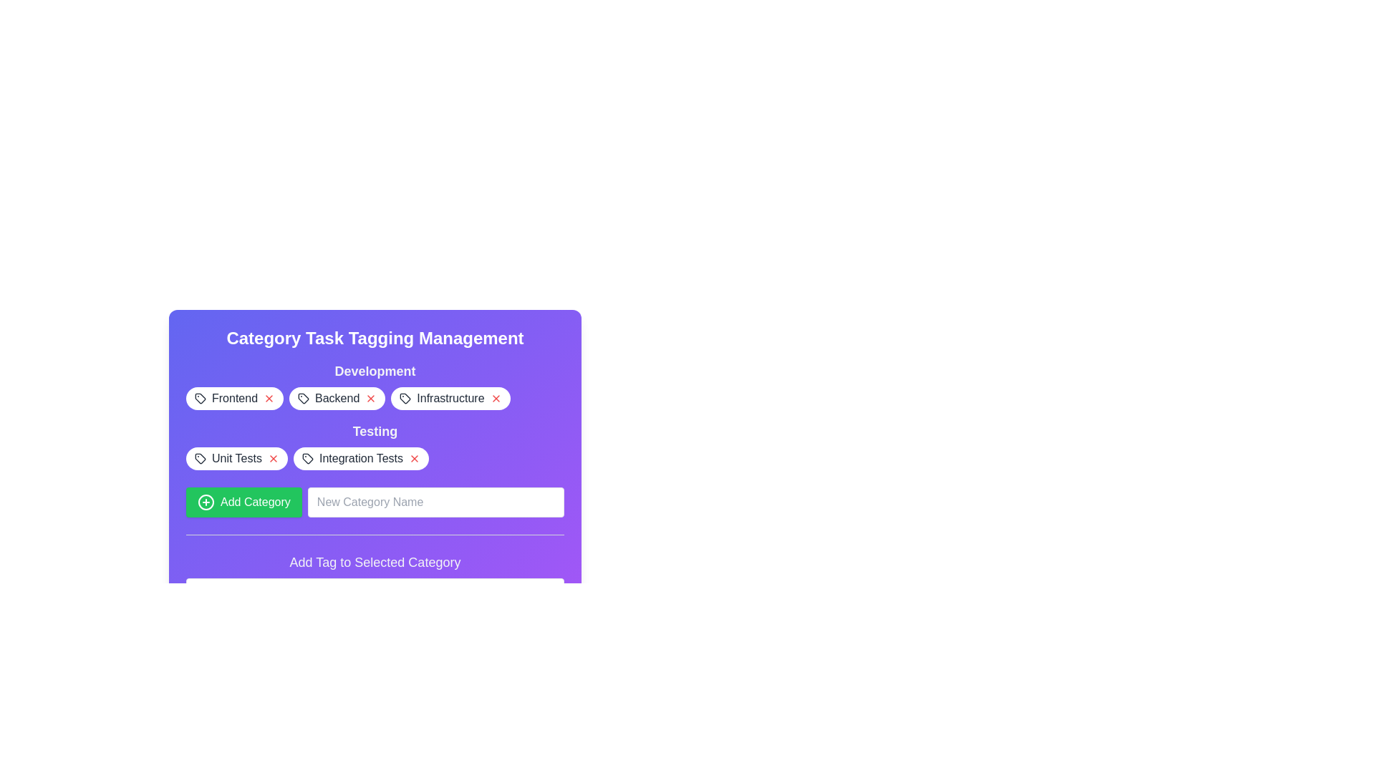 The image size is (1375, 773). Describe the element at coordinates (199, 398) in the screenshot. I see `the icon representing the 'Frontend' category tag in the 'Category Task Tagging Management' interface` at that location.